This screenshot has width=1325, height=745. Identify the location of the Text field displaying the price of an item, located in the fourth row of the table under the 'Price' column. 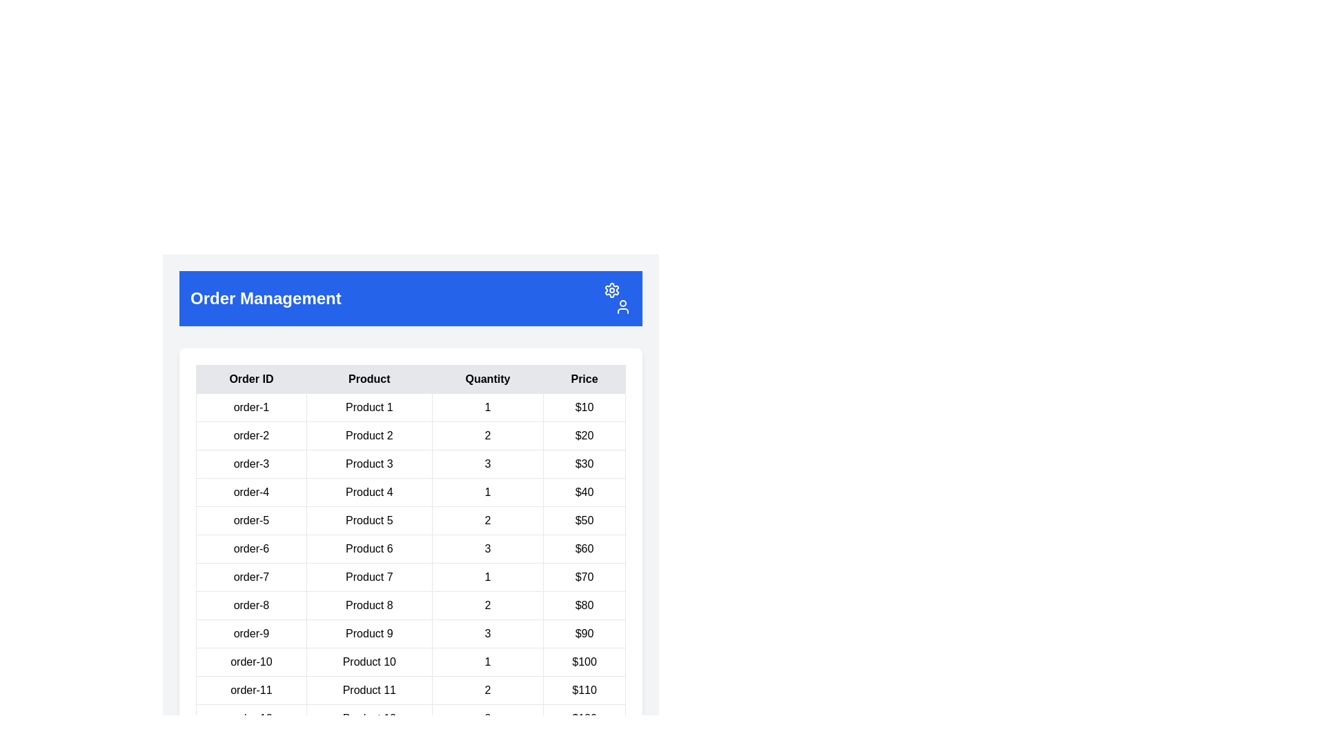
(585, 491).